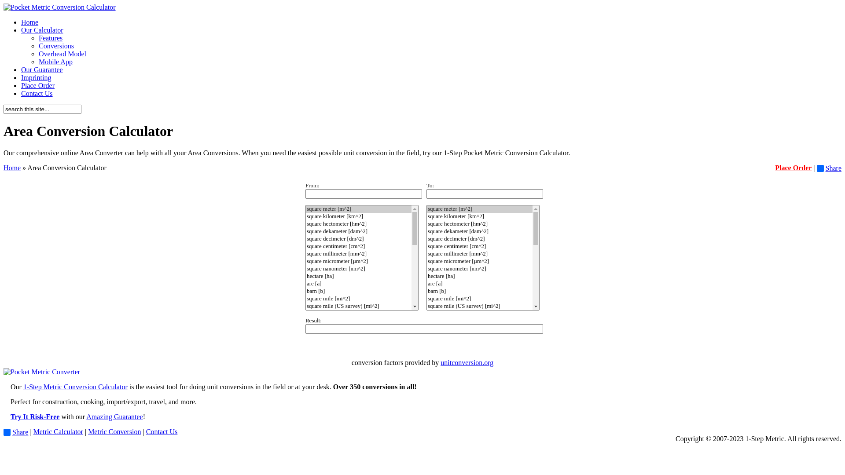  Describe the element at coordinates (50, 37) in the screenshot. I see `'Features'` at that location.